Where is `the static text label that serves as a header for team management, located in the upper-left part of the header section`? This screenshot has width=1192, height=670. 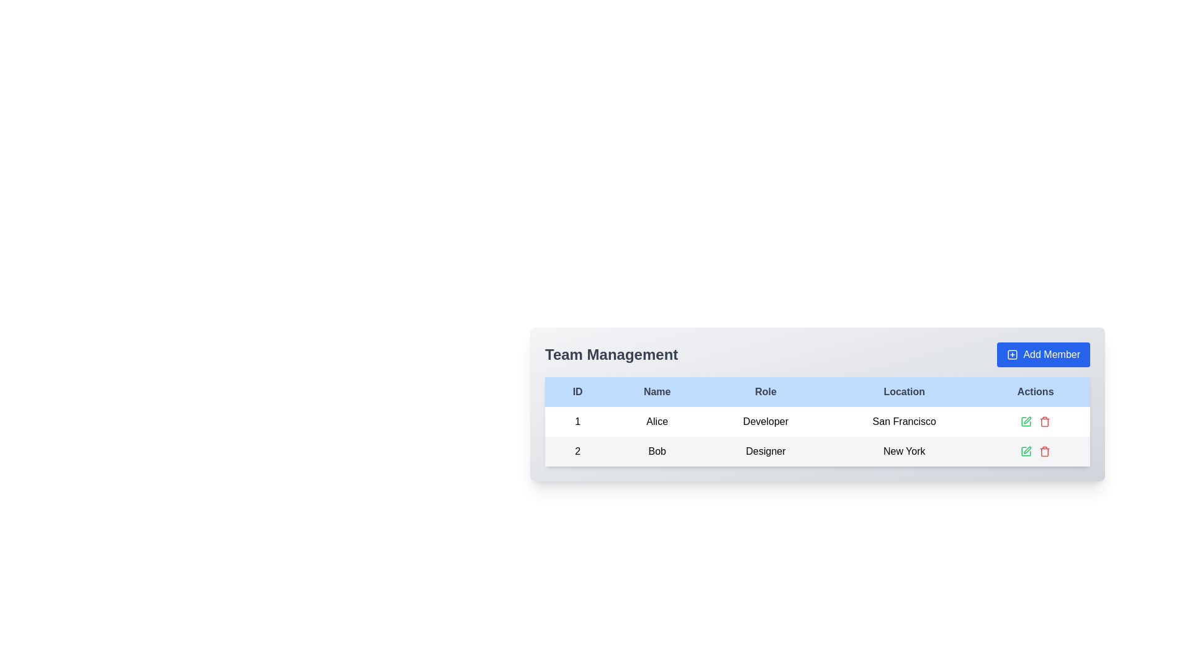
the static text label that serves as a header for team management, located in the upper-left part of the header section is located at coordinates (612, 354).